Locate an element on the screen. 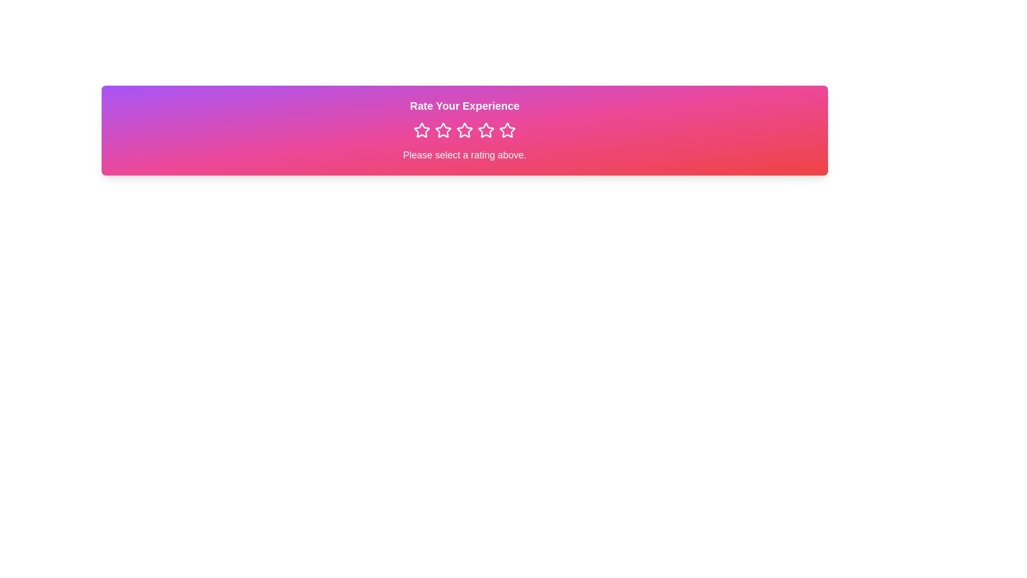 The image size is (1027, 578). the fifth hollow yellowish star icon to rate your experience, which is located below the text 'Rate Your Experience' is located at coordinates (507, 130).